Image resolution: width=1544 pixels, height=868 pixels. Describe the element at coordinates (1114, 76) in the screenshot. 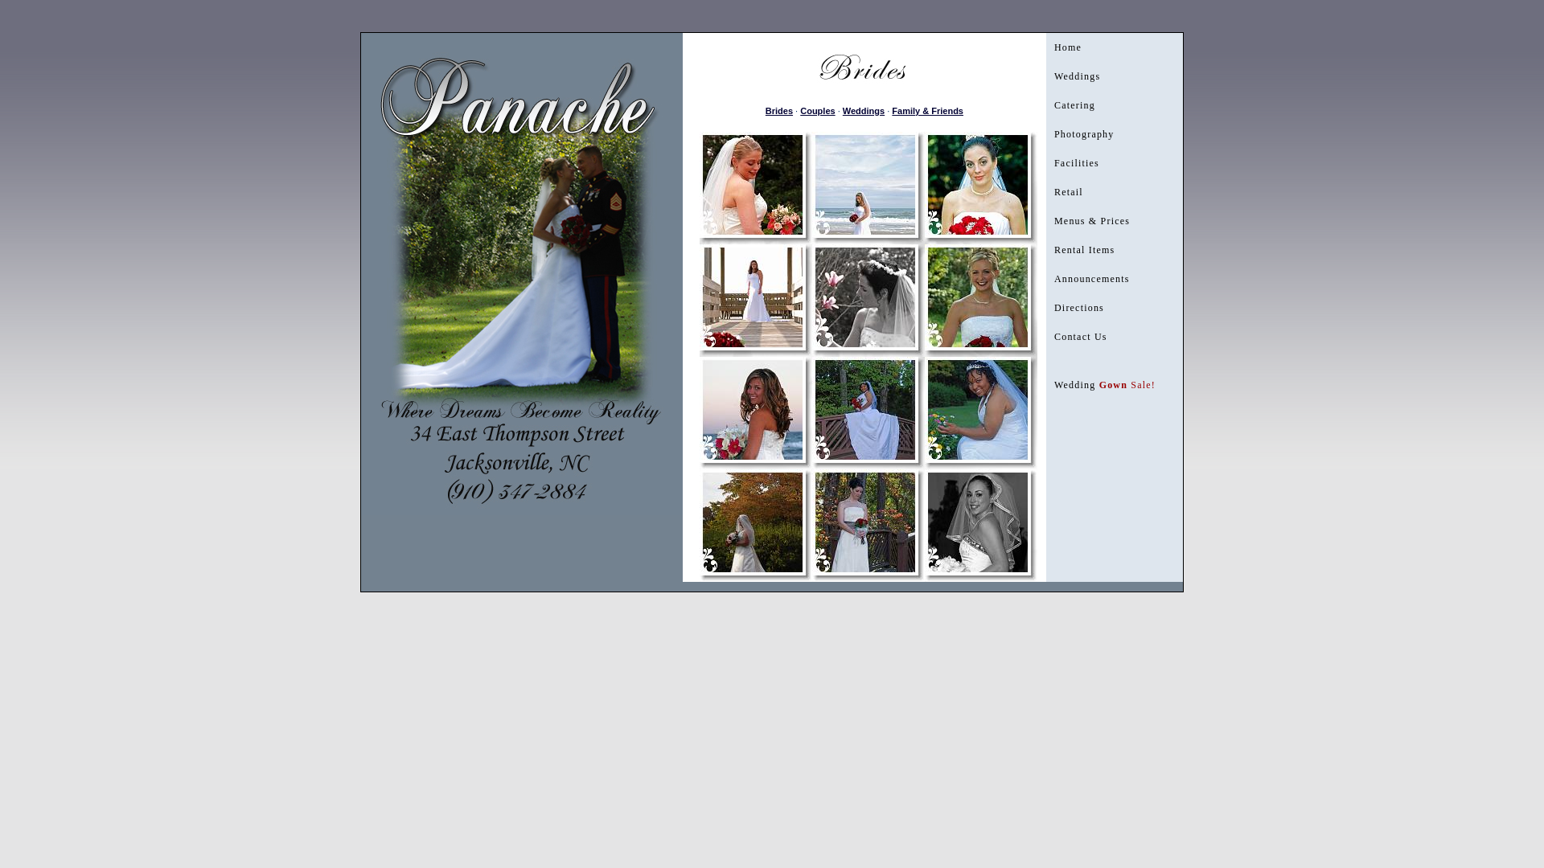

I see `'Weddings'` at that location.